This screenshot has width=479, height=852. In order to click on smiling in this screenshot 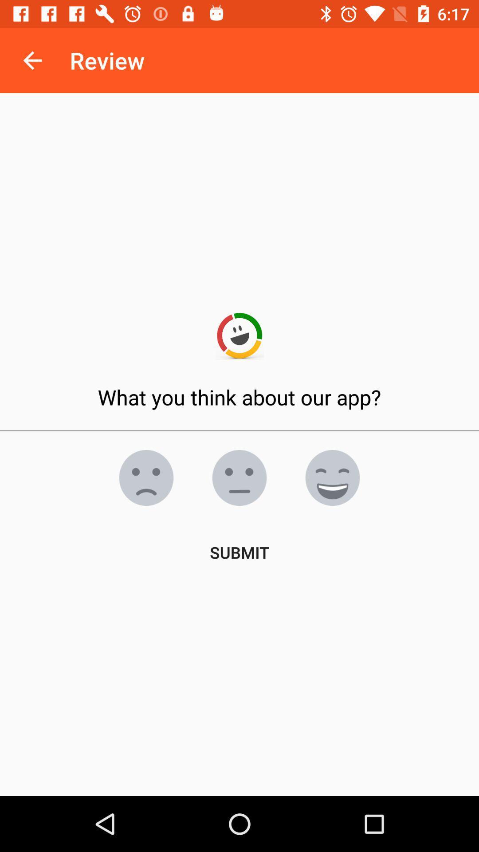, I will do `click(332, 477)`.